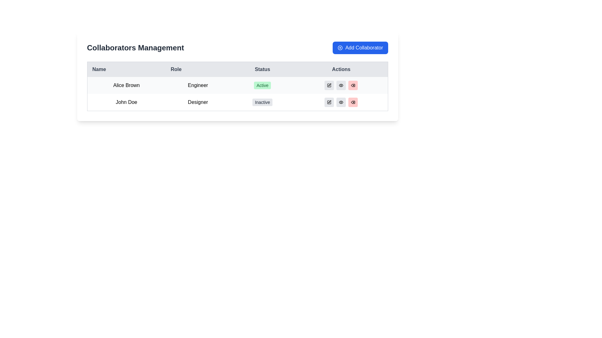 The image size is (602, 338). Describe the element at coordinates (340, 48) in the screenshot. I see `the circular plus icon within the 'Add Collaborator' button located at the top-right corner of the Collaborators Management interface for additional interaction indication` at that location.